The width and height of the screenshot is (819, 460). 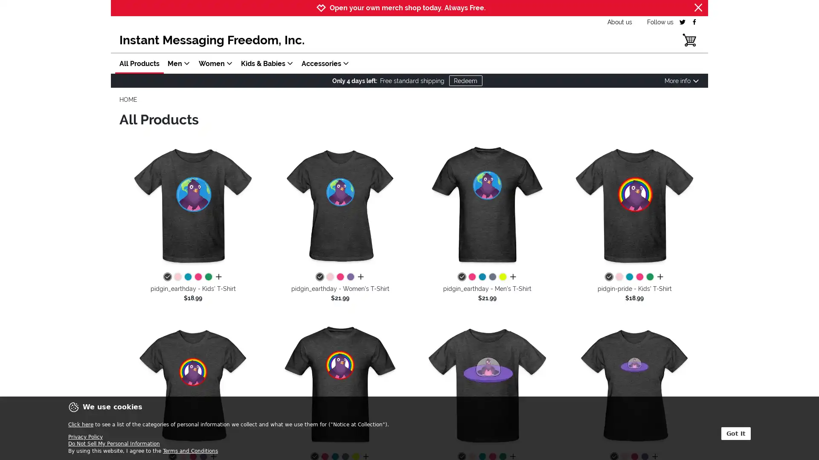 What do you see at coordinates (319, 277) in the screenshot?
I see `heather black` at bounding box center [319, 277].